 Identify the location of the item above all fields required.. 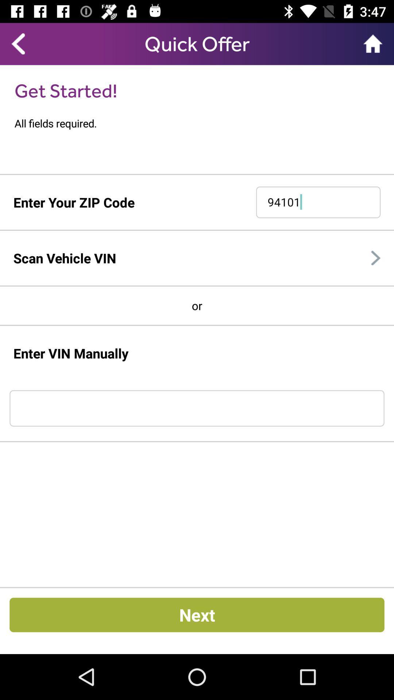
(66, 90).